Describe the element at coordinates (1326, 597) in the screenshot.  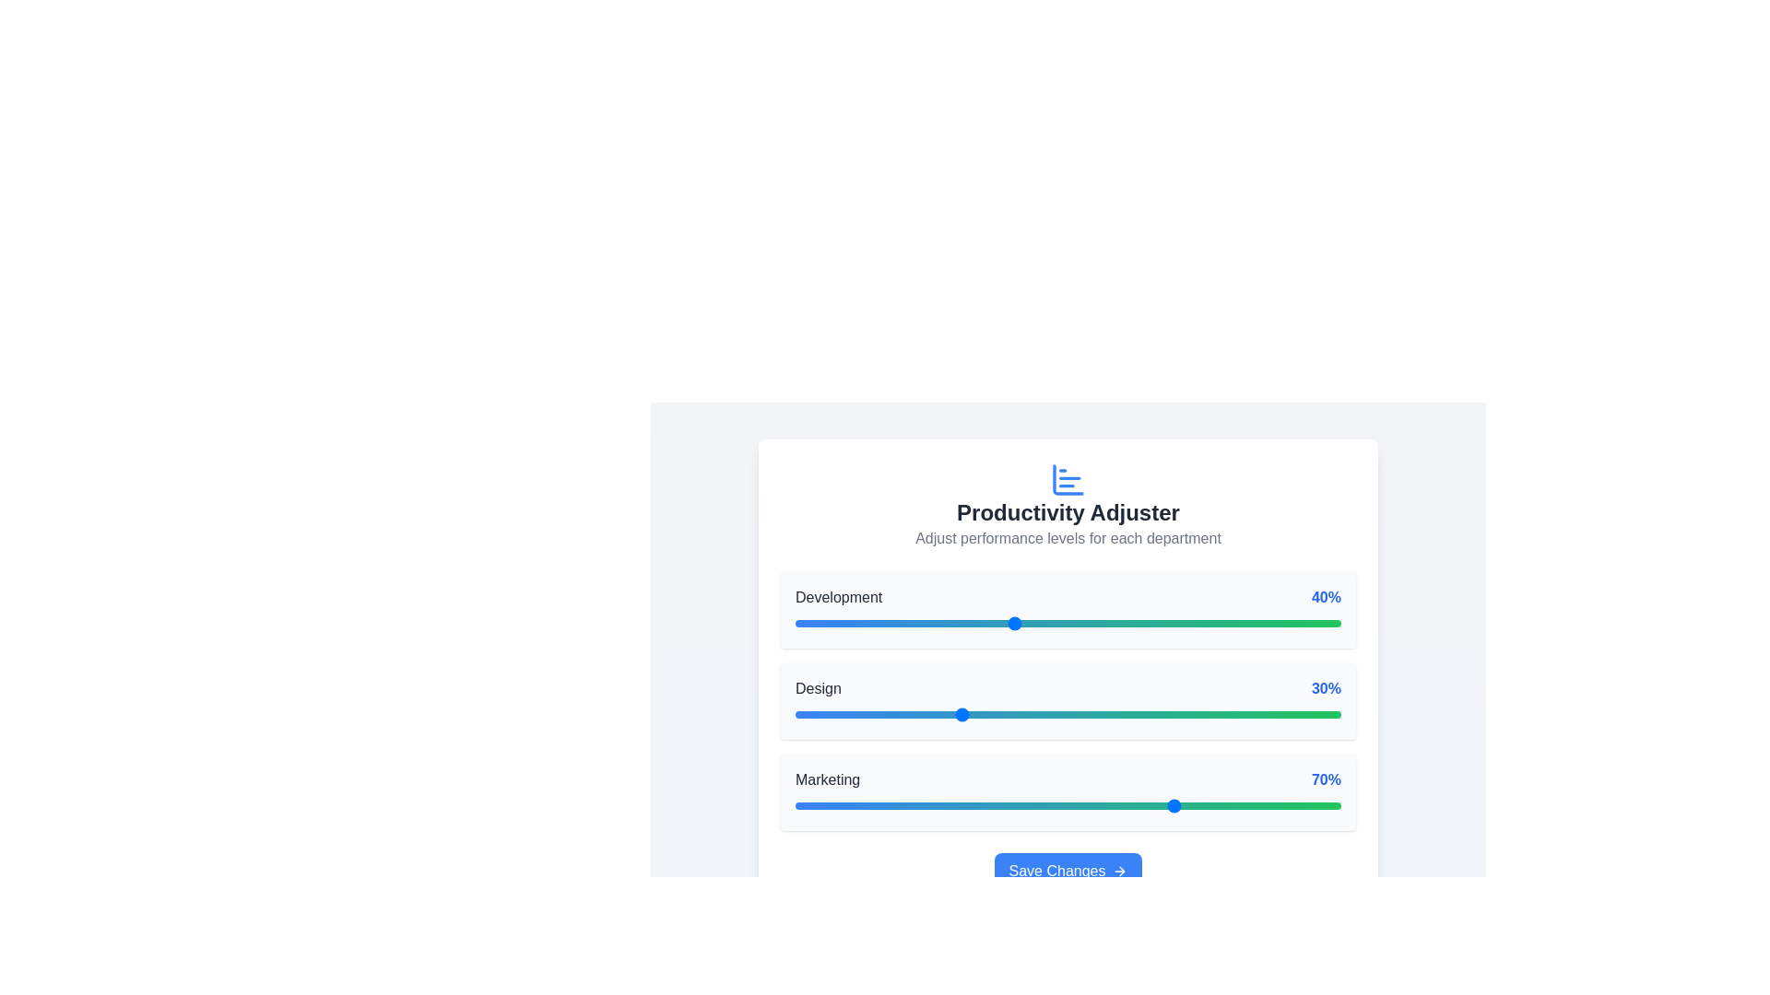
I see `the text label displaying '40%' in bold blue font, which indicates a percentage associated with 'Development'. It is positioned to the right of the text 'Development' and aligned with a progress bar` at that location.